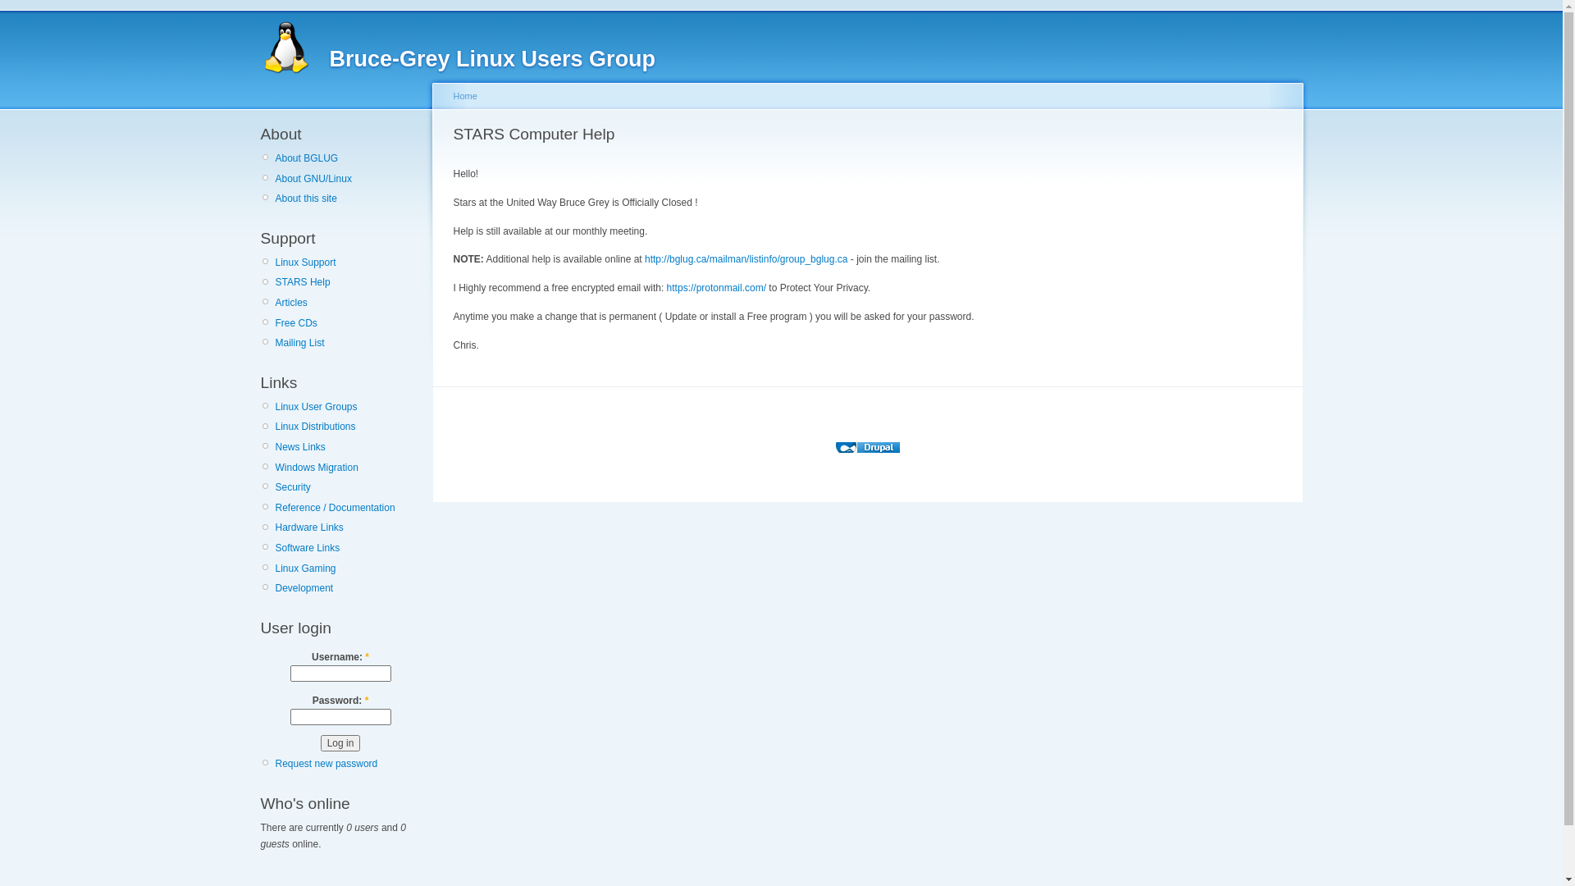 The height and width of the screenshot is (886, 1575). I want to click on 'About BGLUG', so click(347, 158).